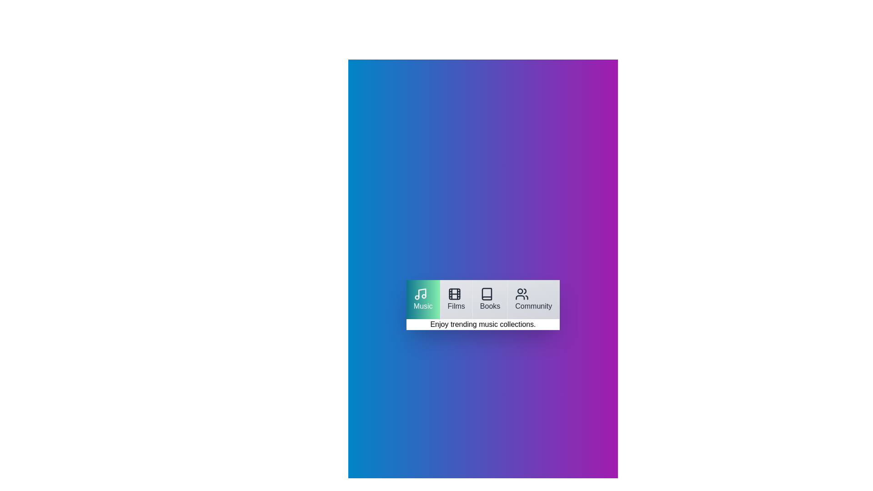 Image resolution: width=873 pixels, height=491 pixels. What do you see at coordinates (454, 294) in the screenshot?
I see `the 'Films' icon, which is the second icon in the row of items labeled 'Music,' 'Films,' 'Books,' and 'Community.' This icon is positioned above the label 'Films.'` at bounding box center [454, 294].